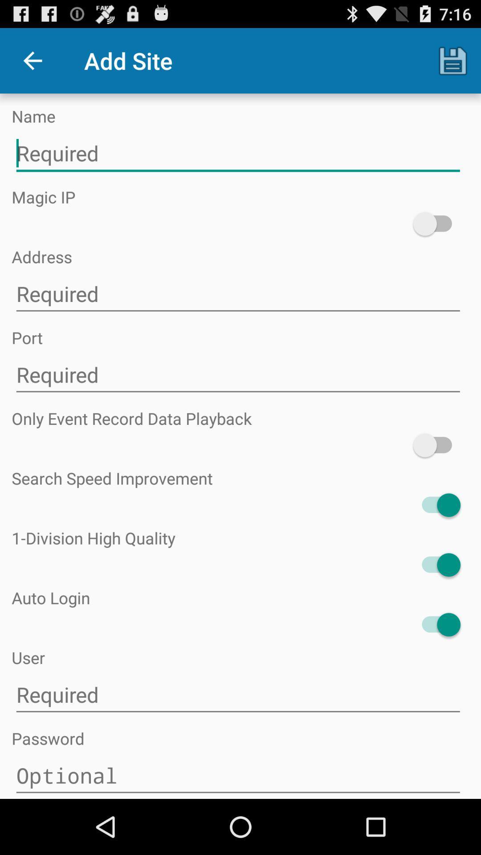 This screenshot has width=481, height=855. What do you see at coordinates (436, 505) in the screenshot?
I see `the item above 1 division high item` at bounding box center [436, 505].